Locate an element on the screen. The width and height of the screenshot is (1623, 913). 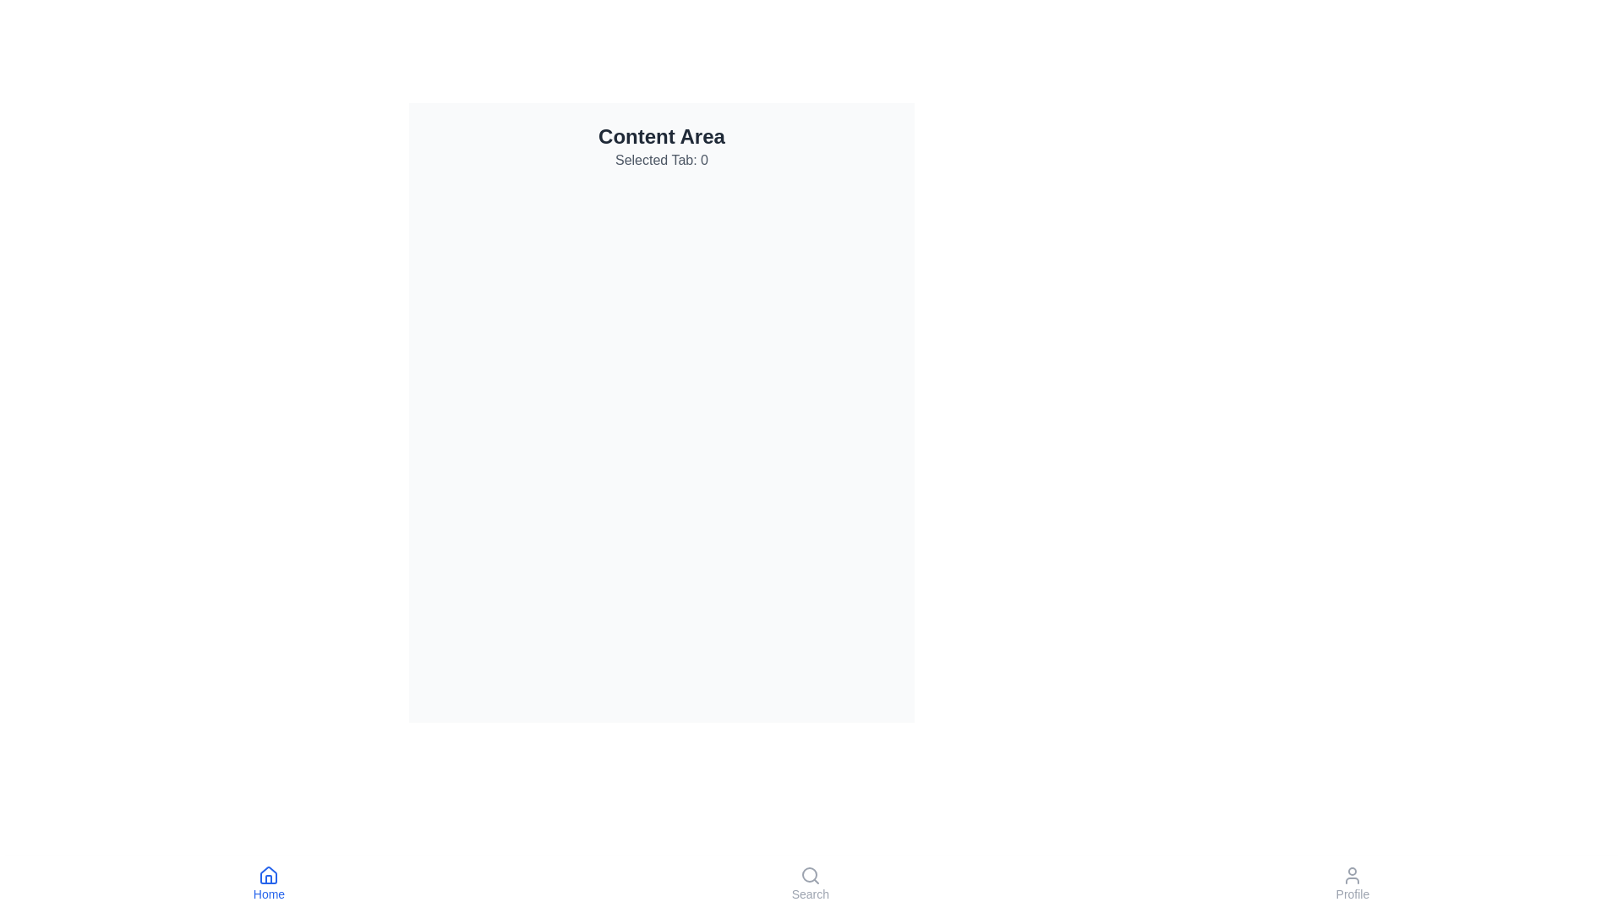
the navigational button located at the bottom right end of the interface is located at coordinates (1351, 883).